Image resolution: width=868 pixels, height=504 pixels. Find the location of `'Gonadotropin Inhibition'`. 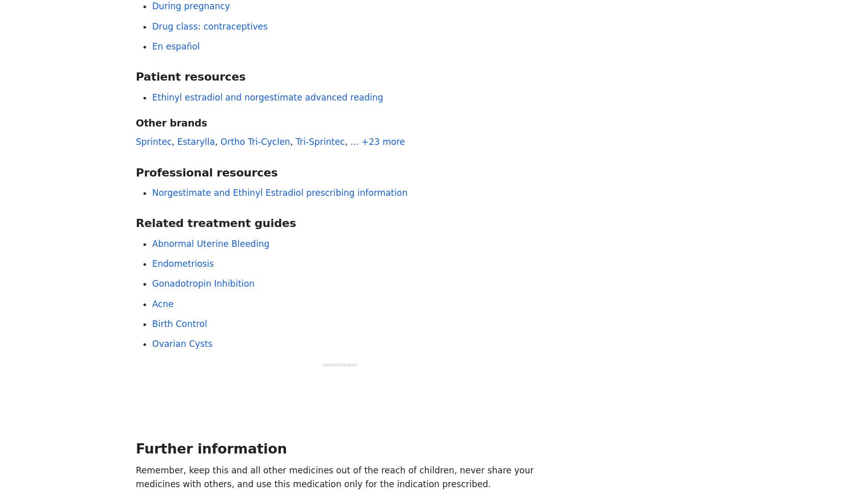

'Gonadotropin Inhibition' is located at coordinates (152, 283).